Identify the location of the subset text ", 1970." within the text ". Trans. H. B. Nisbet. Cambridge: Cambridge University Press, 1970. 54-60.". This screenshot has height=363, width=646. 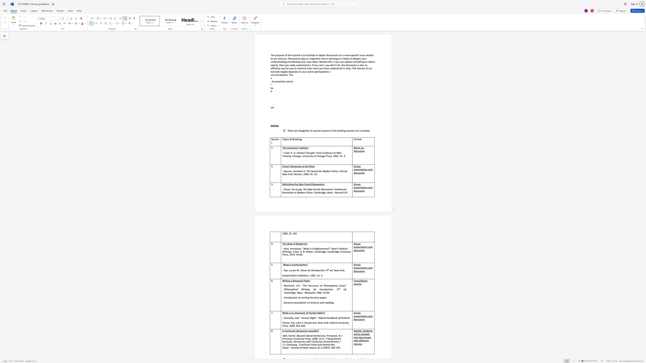
(288, 254).